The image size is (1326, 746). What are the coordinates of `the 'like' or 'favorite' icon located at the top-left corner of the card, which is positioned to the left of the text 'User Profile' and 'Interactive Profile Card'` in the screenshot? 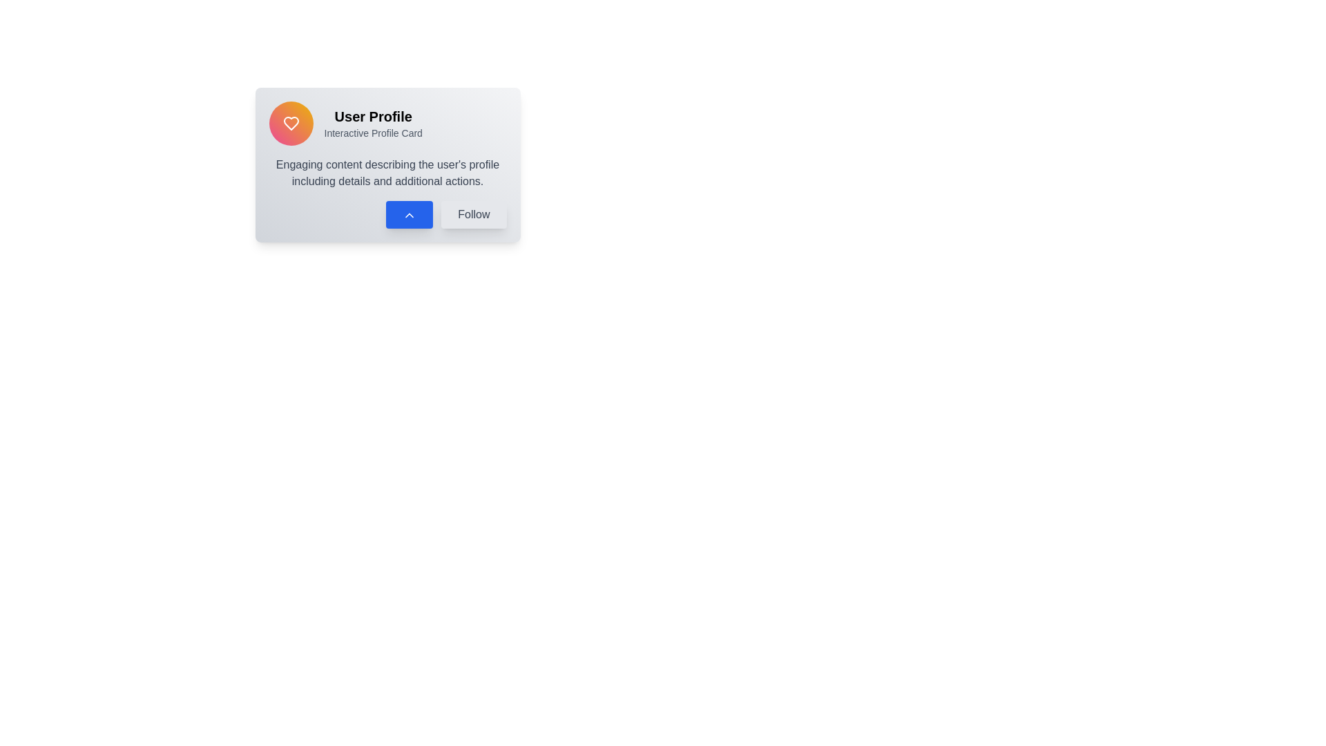 It's located at (290, 122).